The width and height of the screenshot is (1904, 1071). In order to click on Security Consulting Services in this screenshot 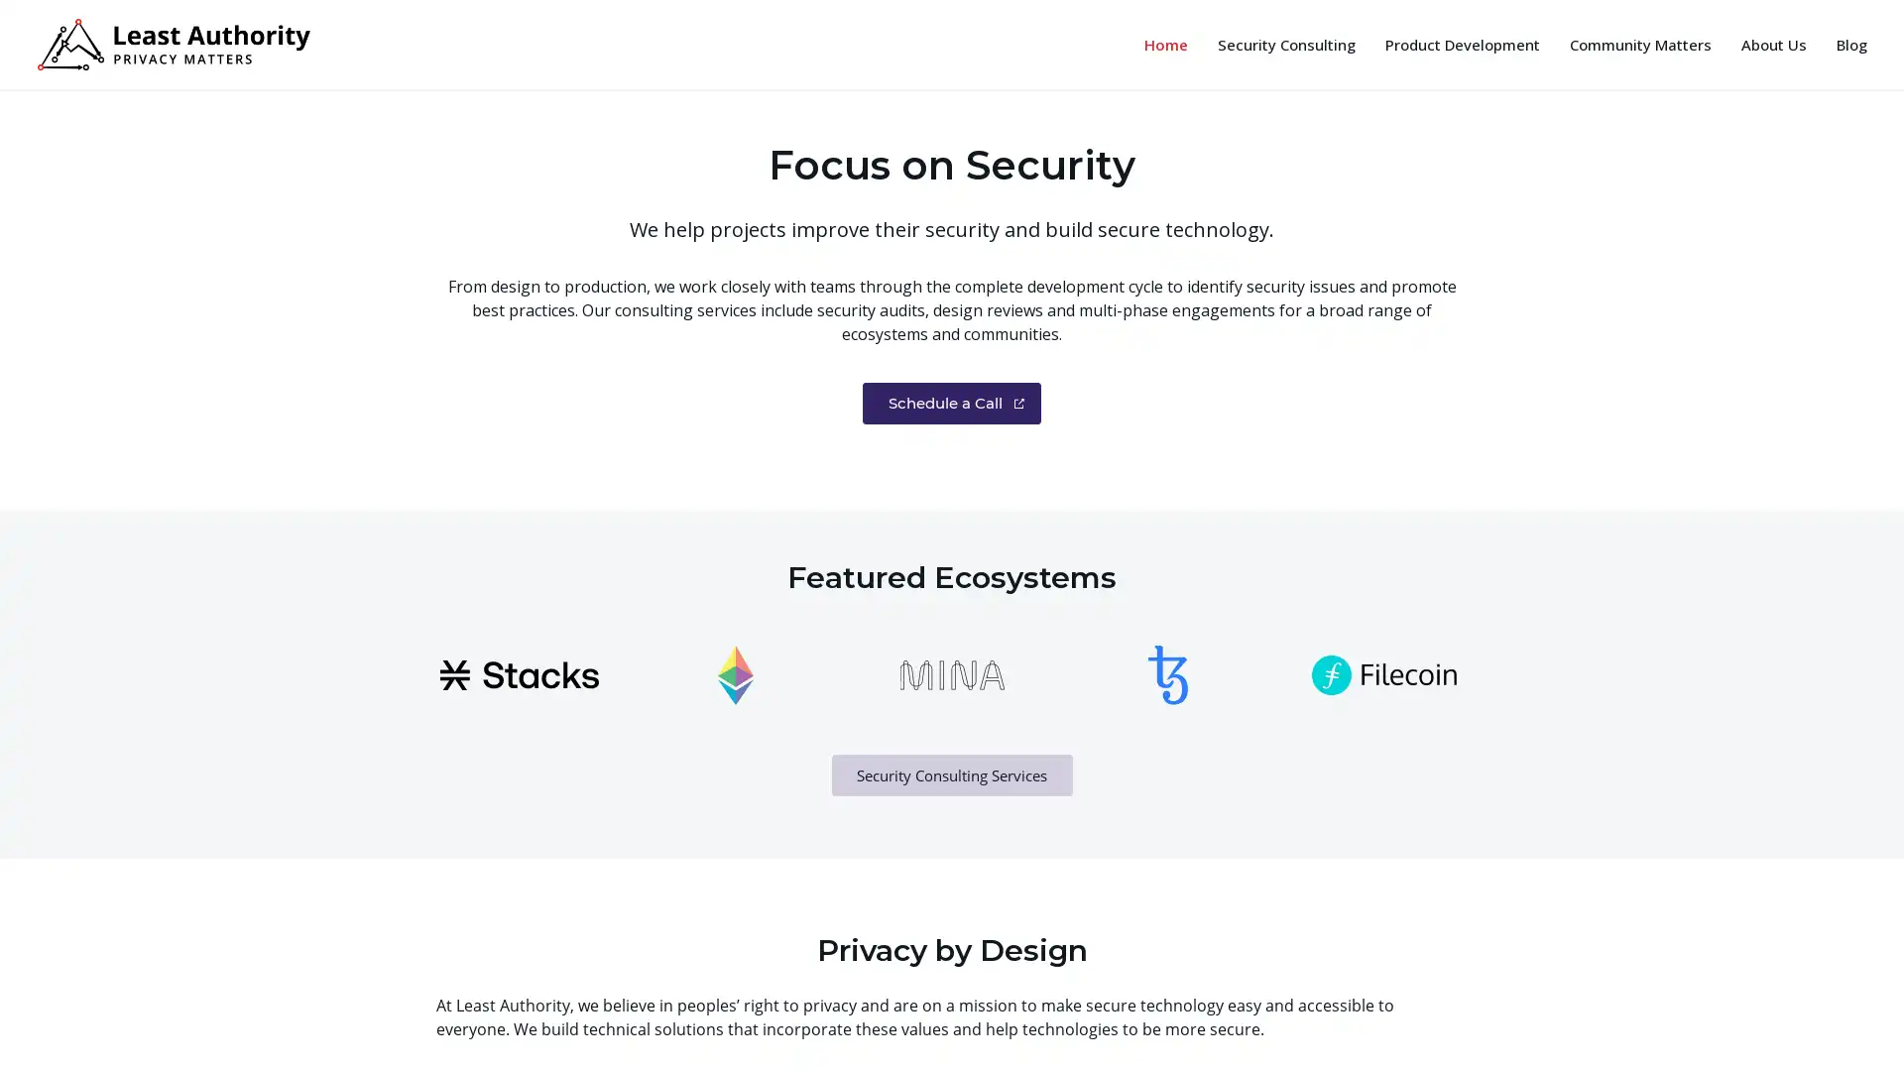, I will do `click(950, 774)`.